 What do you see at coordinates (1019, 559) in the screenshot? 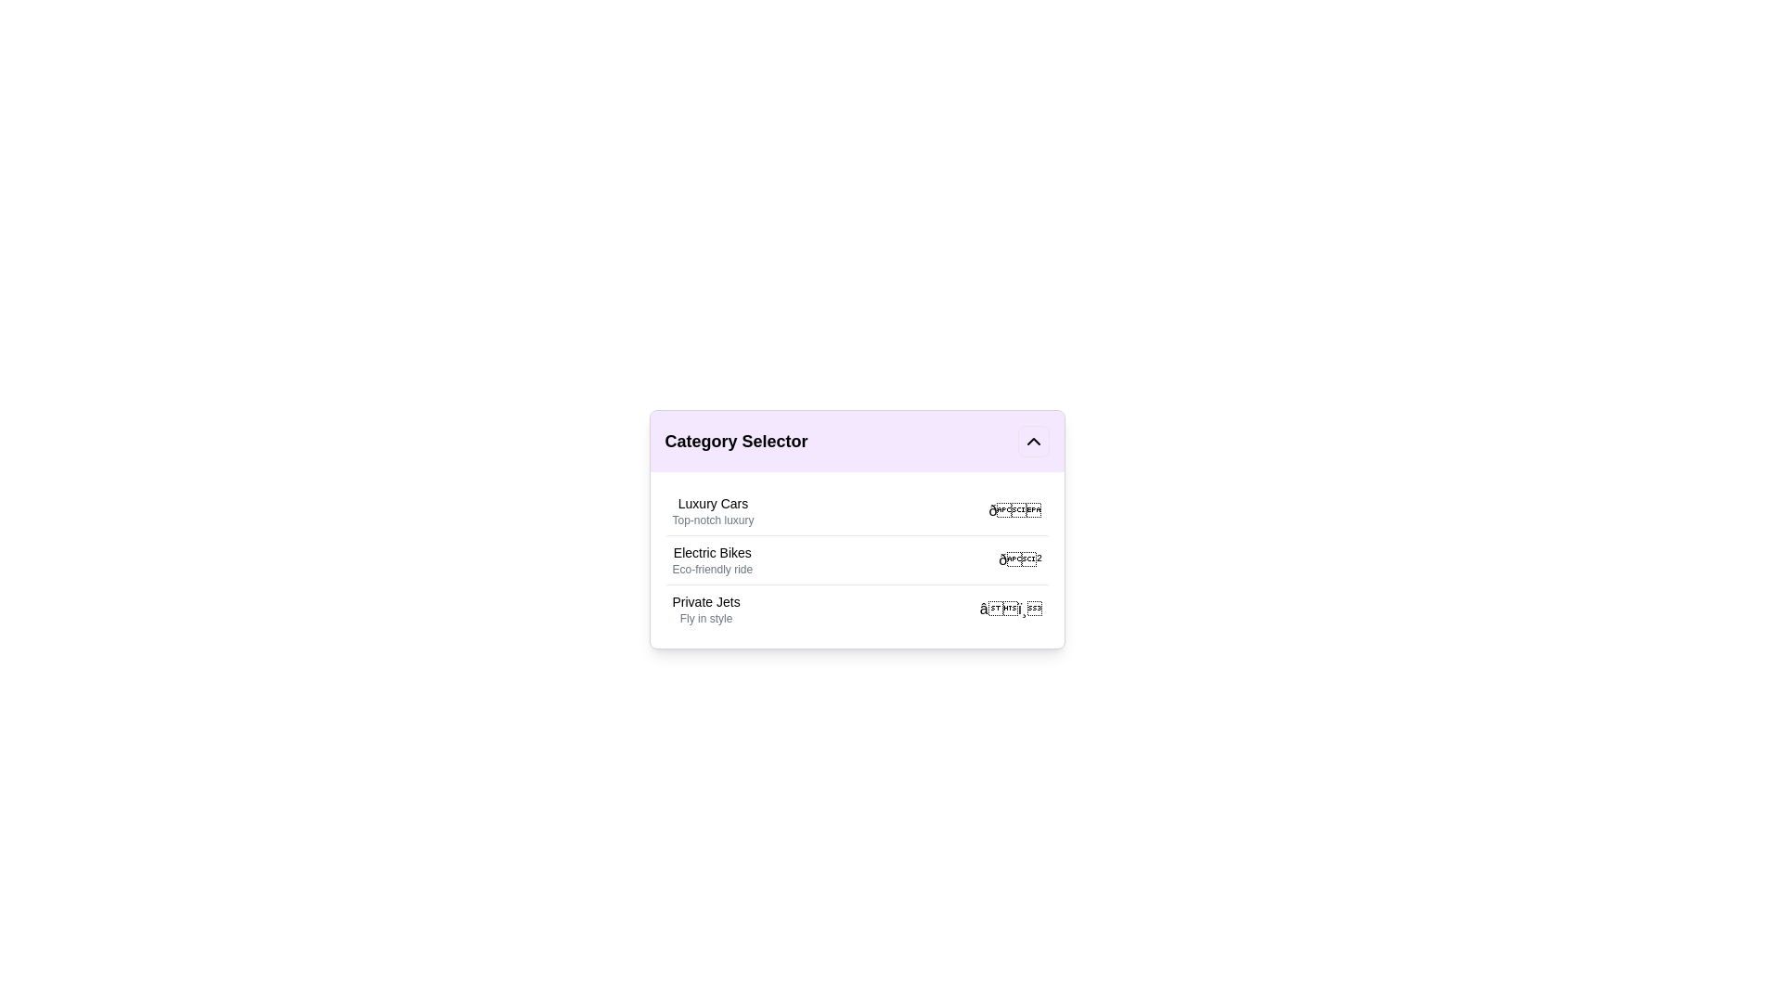
I see `the bicycle icon (🚲) located at the far right of the 'Electric Bikes' row in the 'Category Selector' list, which is aligned with the text labels 'Electric Bikes' and 'Eco-friendly ride.'` at bounding box center [1019, 559].